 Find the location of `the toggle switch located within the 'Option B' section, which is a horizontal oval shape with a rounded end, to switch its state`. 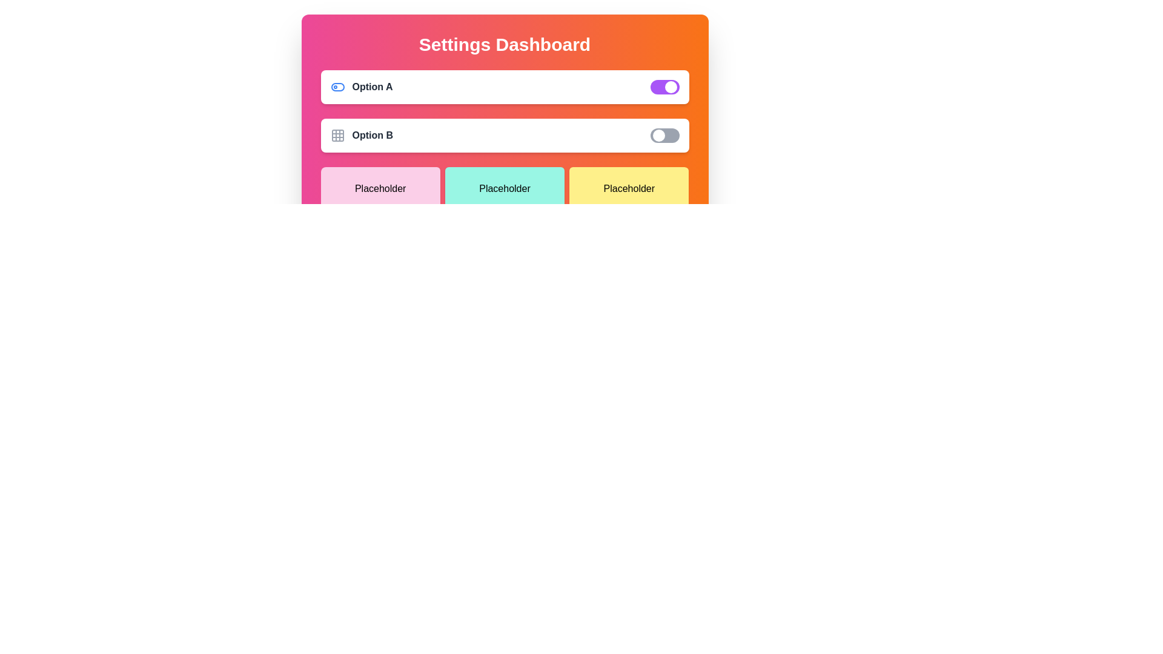

the toggle switch located within the 'Option B' section, which is a horizontal oval shape with a rounded end, to switch its state is located at coordinates (664, 135).